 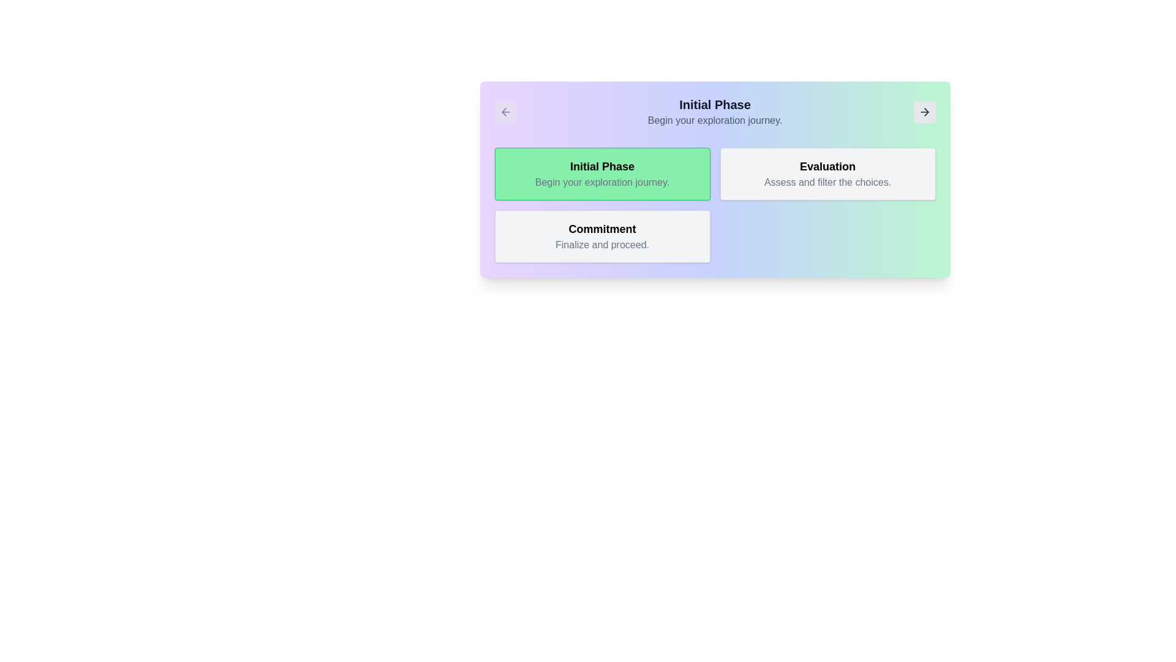 What do you see at coordinates (926, 112) in the screenshot?
I see `the forward arrow icon located in the top-right corner of the interface, which indicates a proceed action` at bounding box center [926, 112].